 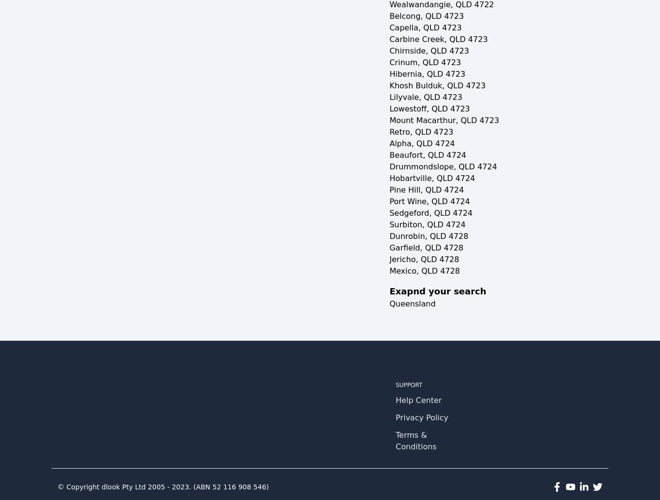 What do you see at coordinates (425, 28) in the screenshot?
I see `'Capella, QLD 4723'` at bounding box center [425, 28].